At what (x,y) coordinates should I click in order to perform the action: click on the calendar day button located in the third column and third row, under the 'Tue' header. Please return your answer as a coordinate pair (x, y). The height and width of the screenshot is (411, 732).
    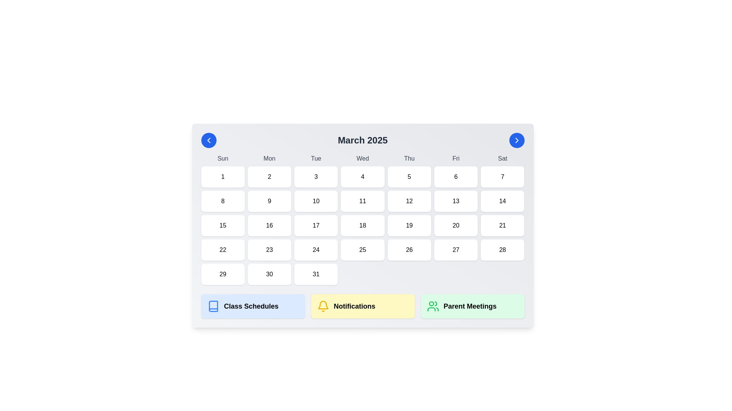
    Looking at the image, I should click on (316, 225).